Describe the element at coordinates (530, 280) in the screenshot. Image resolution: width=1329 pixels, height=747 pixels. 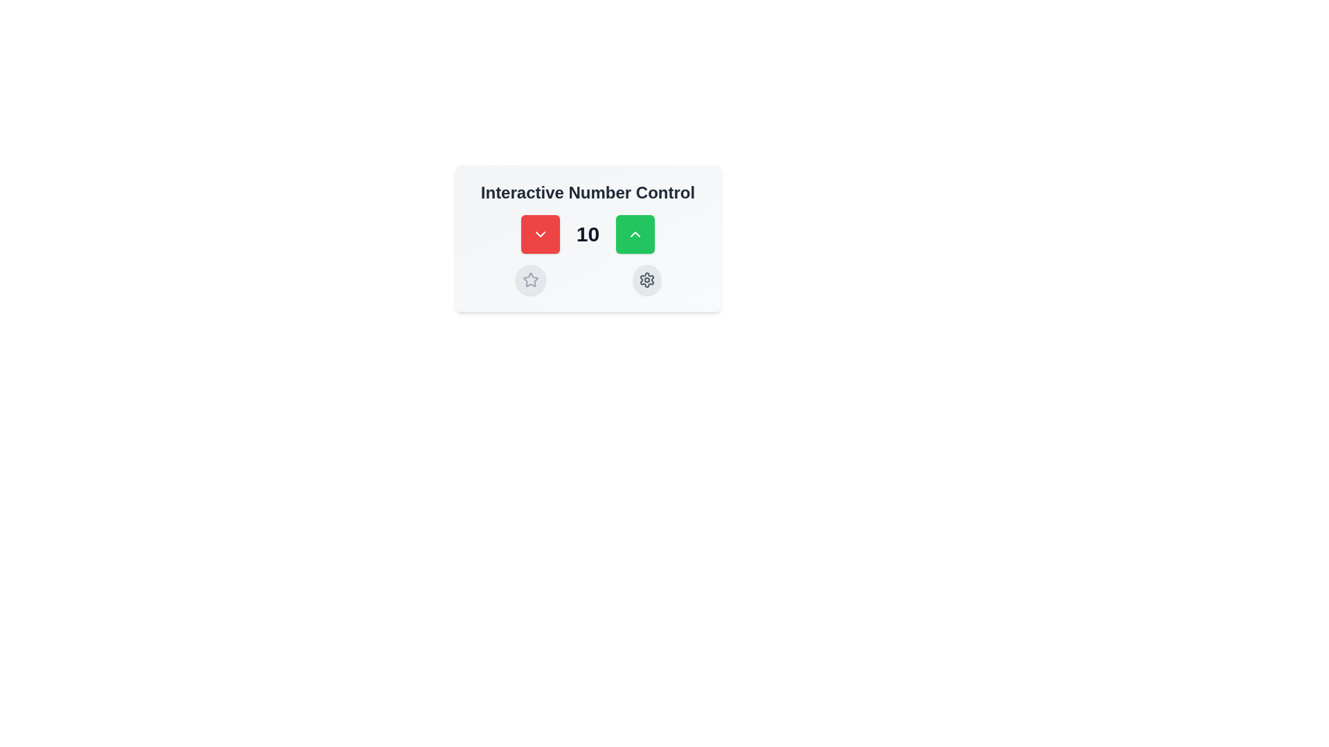
I see `the first button with a star icon located below the 'Interactive Number Control' label` at that location.